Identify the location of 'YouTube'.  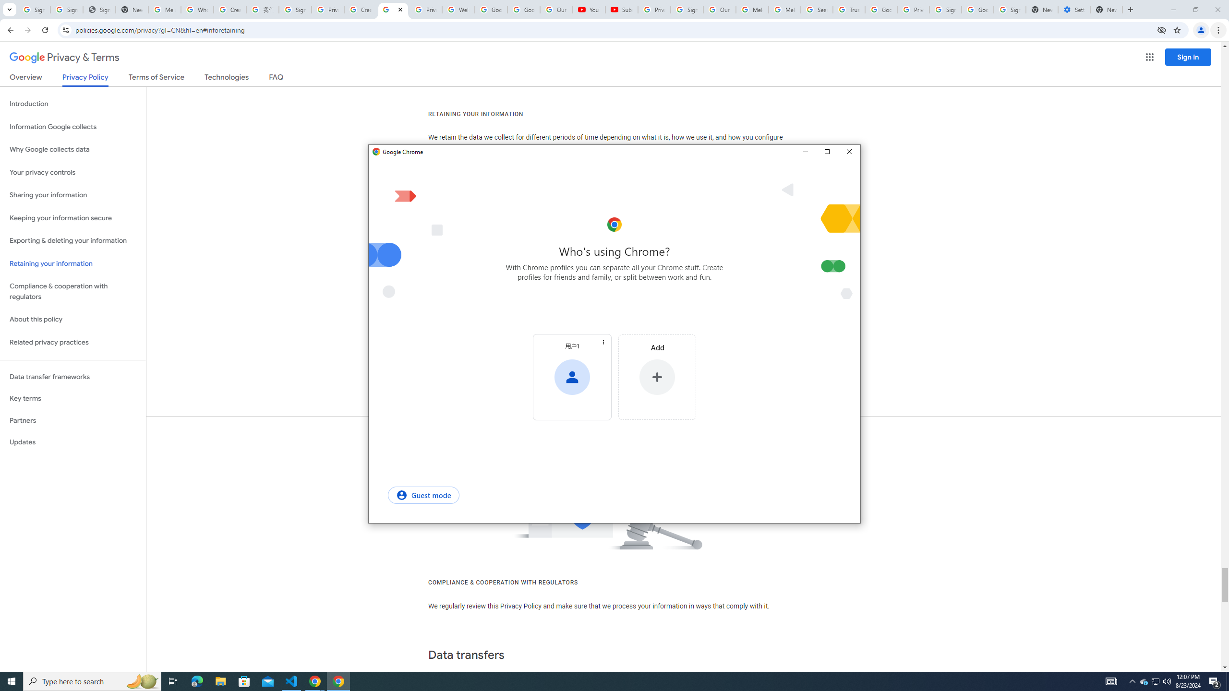
(589, 9).